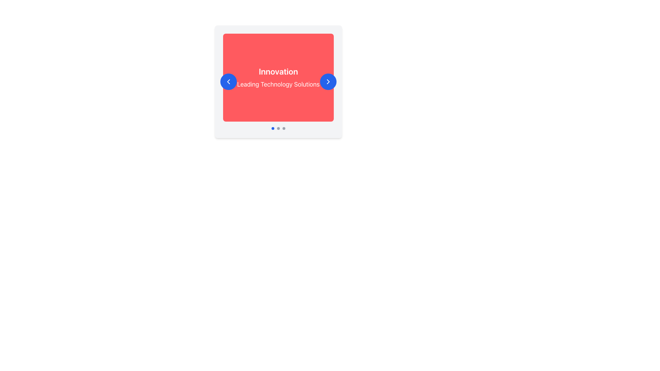  What do you see at coordinates (229, 81) in the screenshot?
I see `the SVG Icon embedded within the circular blue button located to the left of the 'Innovation' card` at bounding box center [229, 81].